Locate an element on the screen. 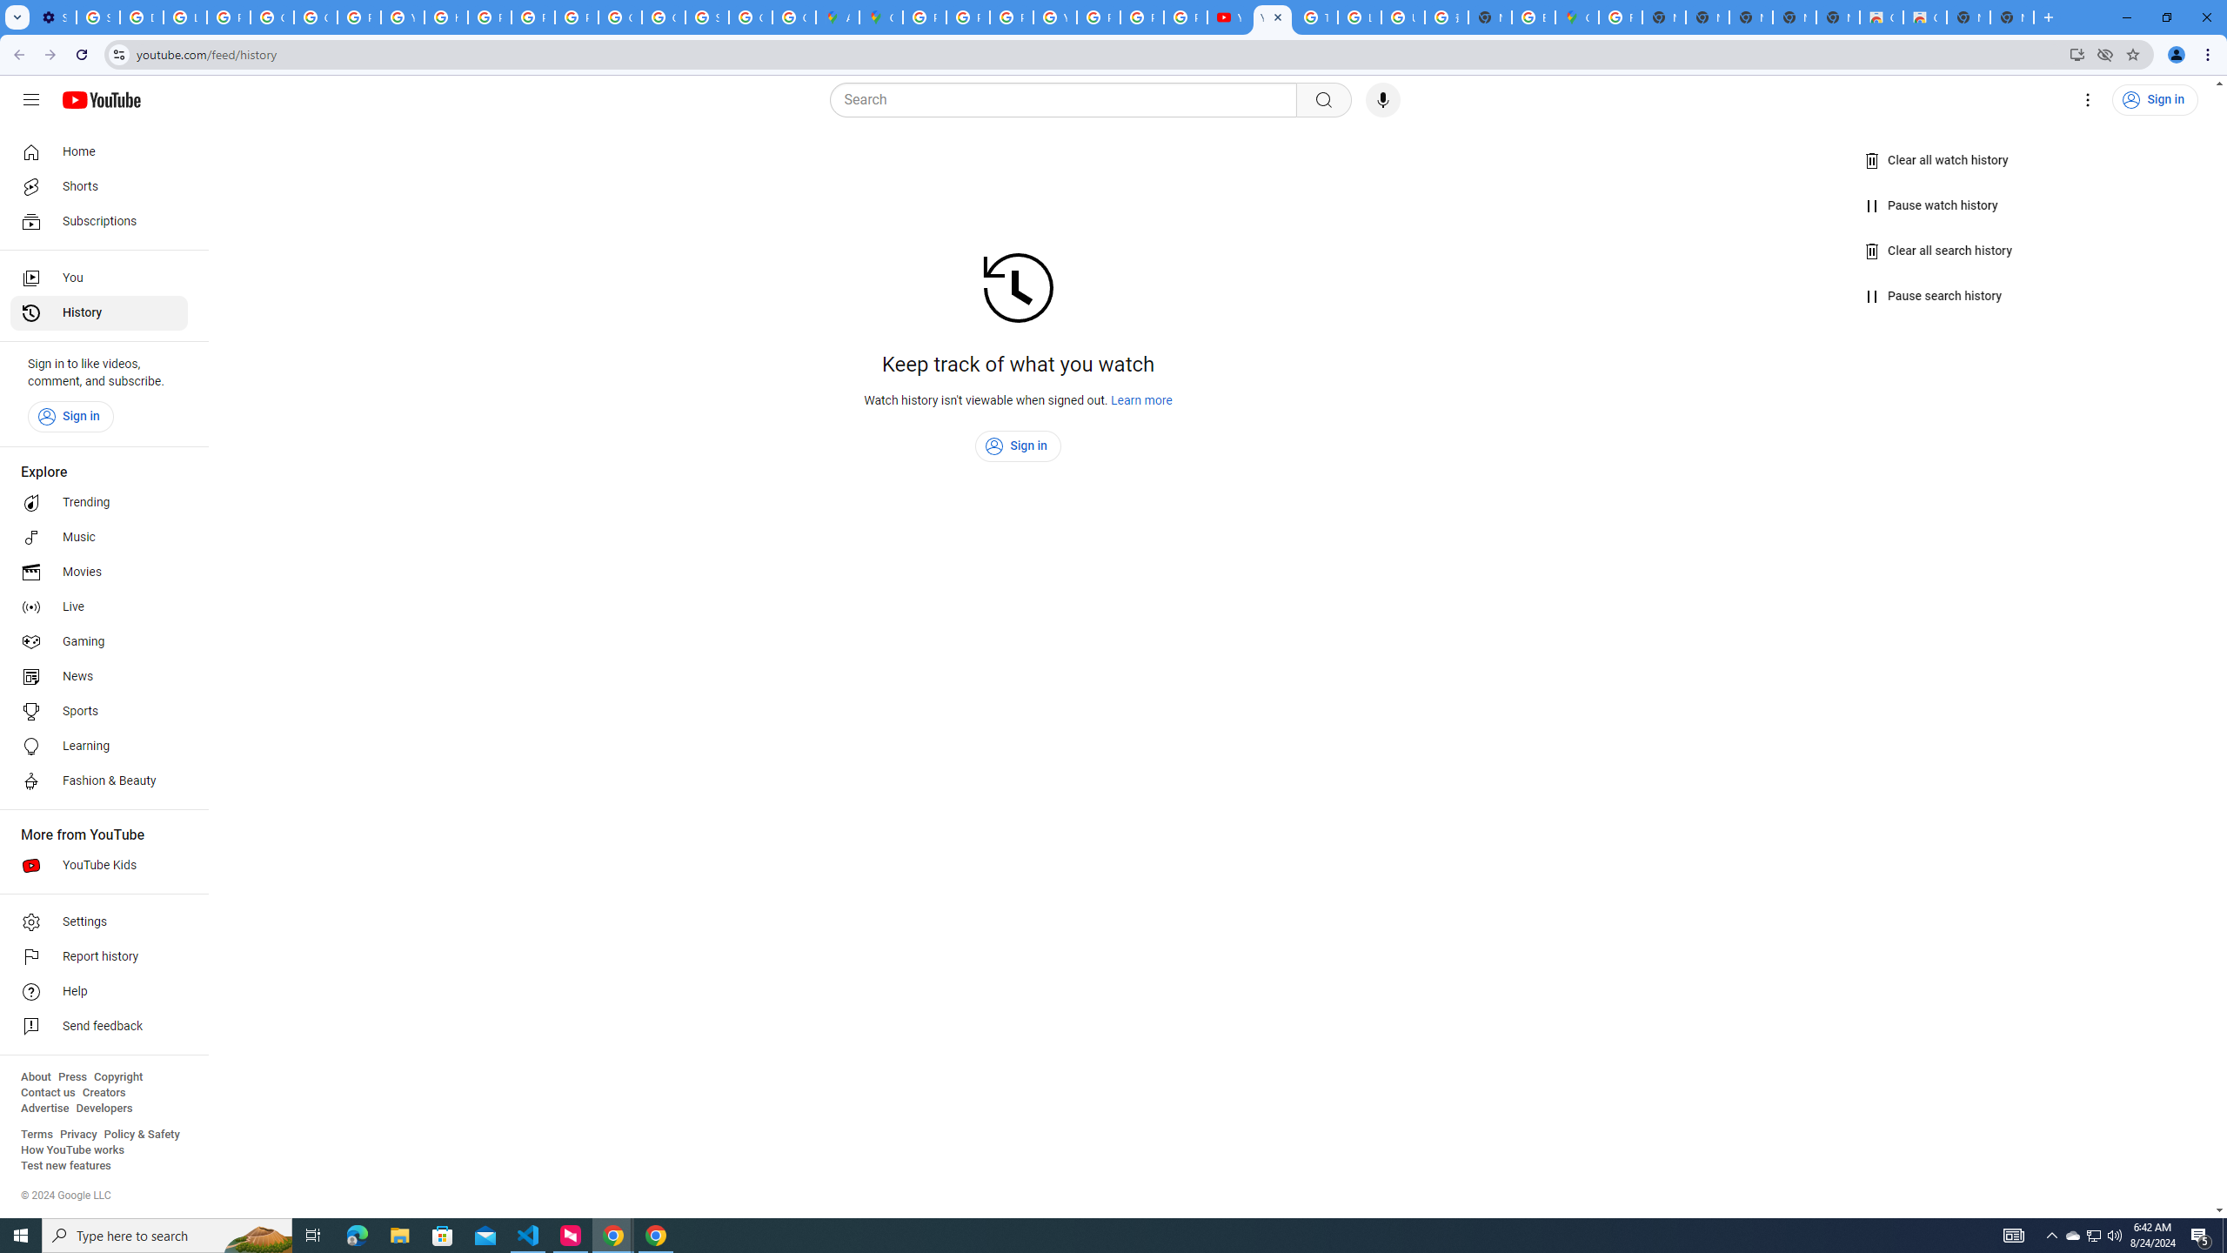 This screenshot has width=2227, height=1253. 'Install YouTube' is located at coordinates (2077, 53).